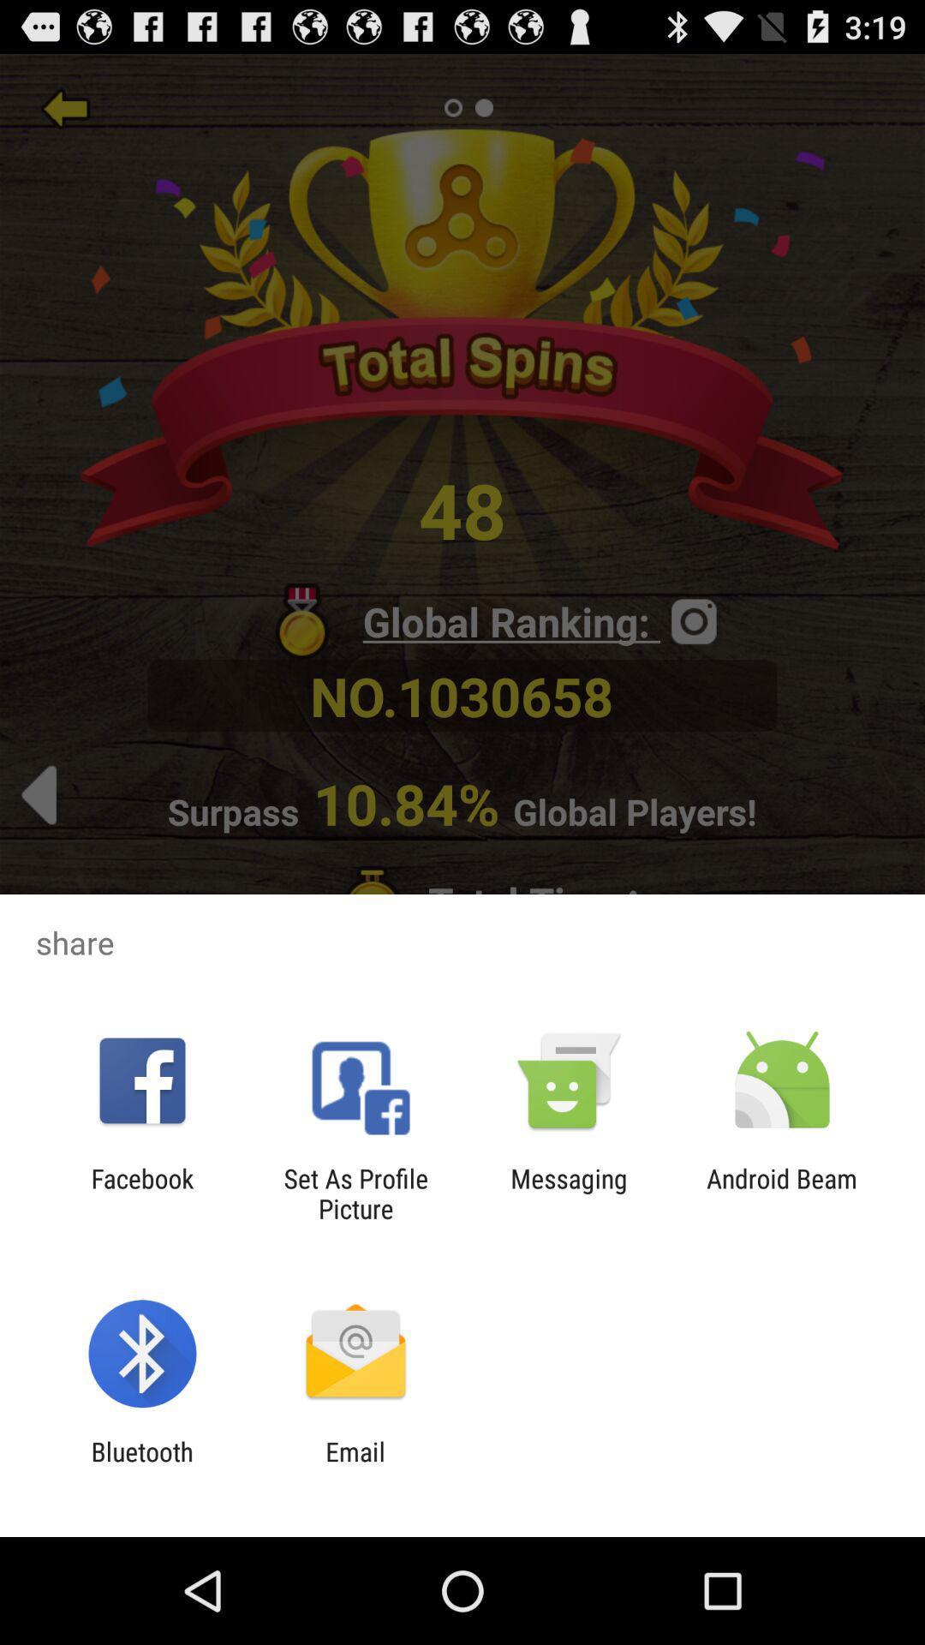 Image resolution: width=925 pixels, height=1645 pixels. What do you see at coordinates (141, 1466) in the screenshot?
I see `bluetooth icon` at bounding box center [141, 1466].